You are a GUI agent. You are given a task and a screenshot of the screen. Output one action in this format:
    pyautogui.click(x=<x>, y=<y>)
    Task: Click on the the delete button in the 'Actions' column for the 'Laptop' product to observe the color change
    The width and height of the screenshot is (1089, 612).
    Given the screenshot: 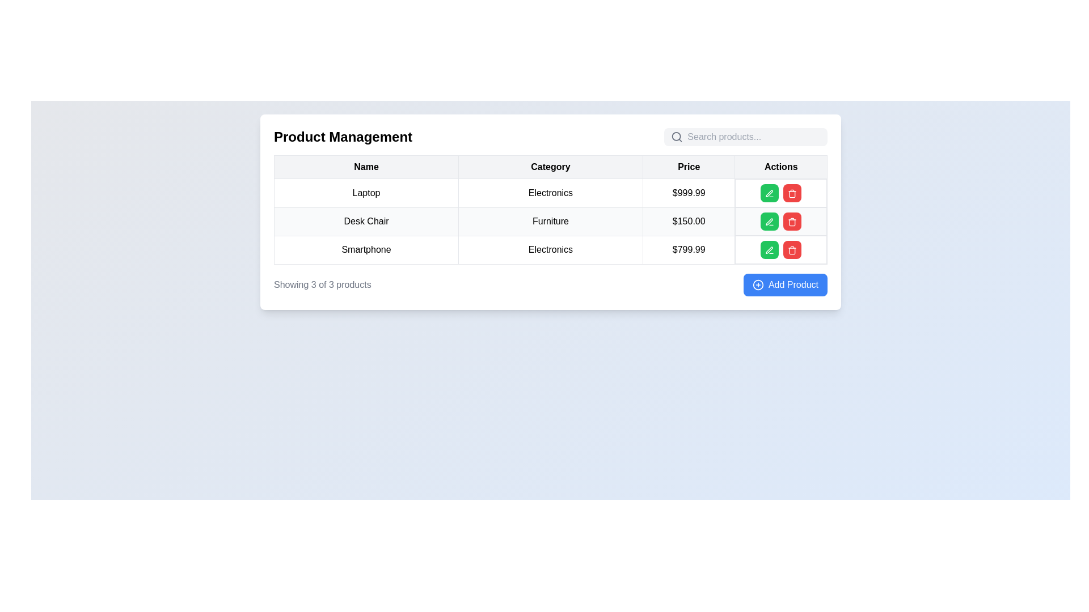 What is the action you would take?
    pyautogui.click(x=792, y=192)
    